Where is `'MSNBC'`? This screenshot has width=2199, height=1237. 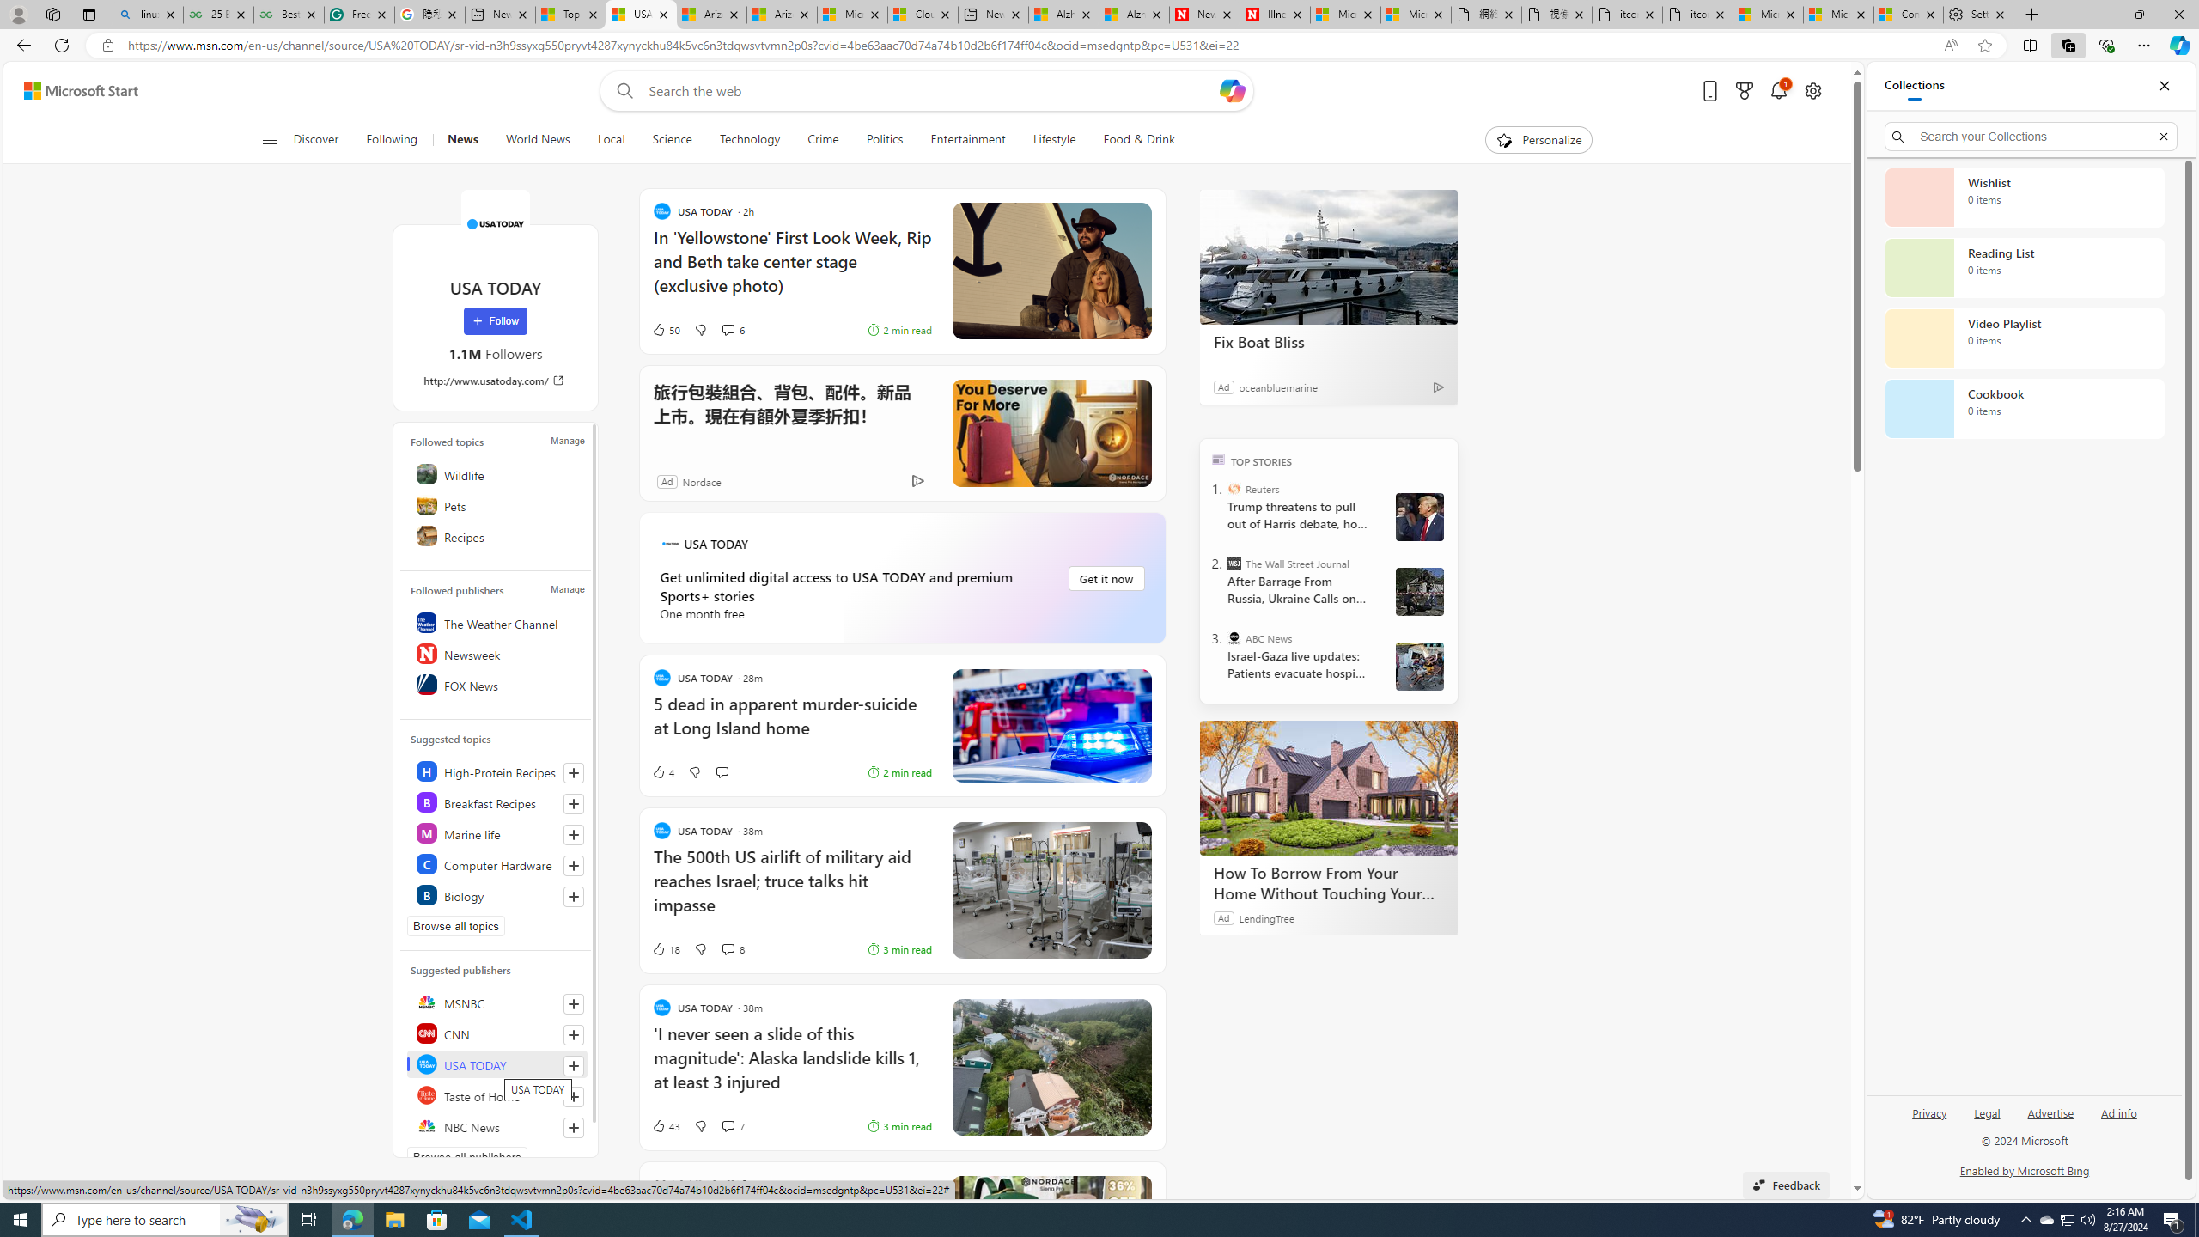
'MSNBC' is located at coordinates (496, 1002).